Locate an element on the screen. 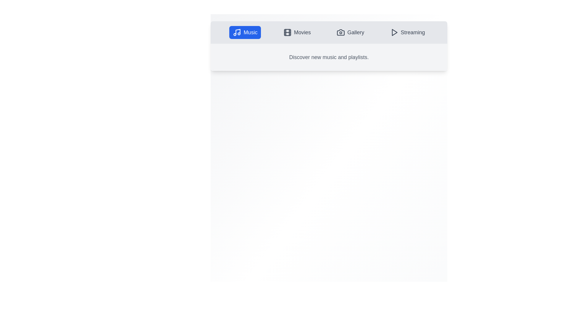 The height and width of the screenshot is (319, 568). the tab labeled Gallery is located at coordinates (350, 32).